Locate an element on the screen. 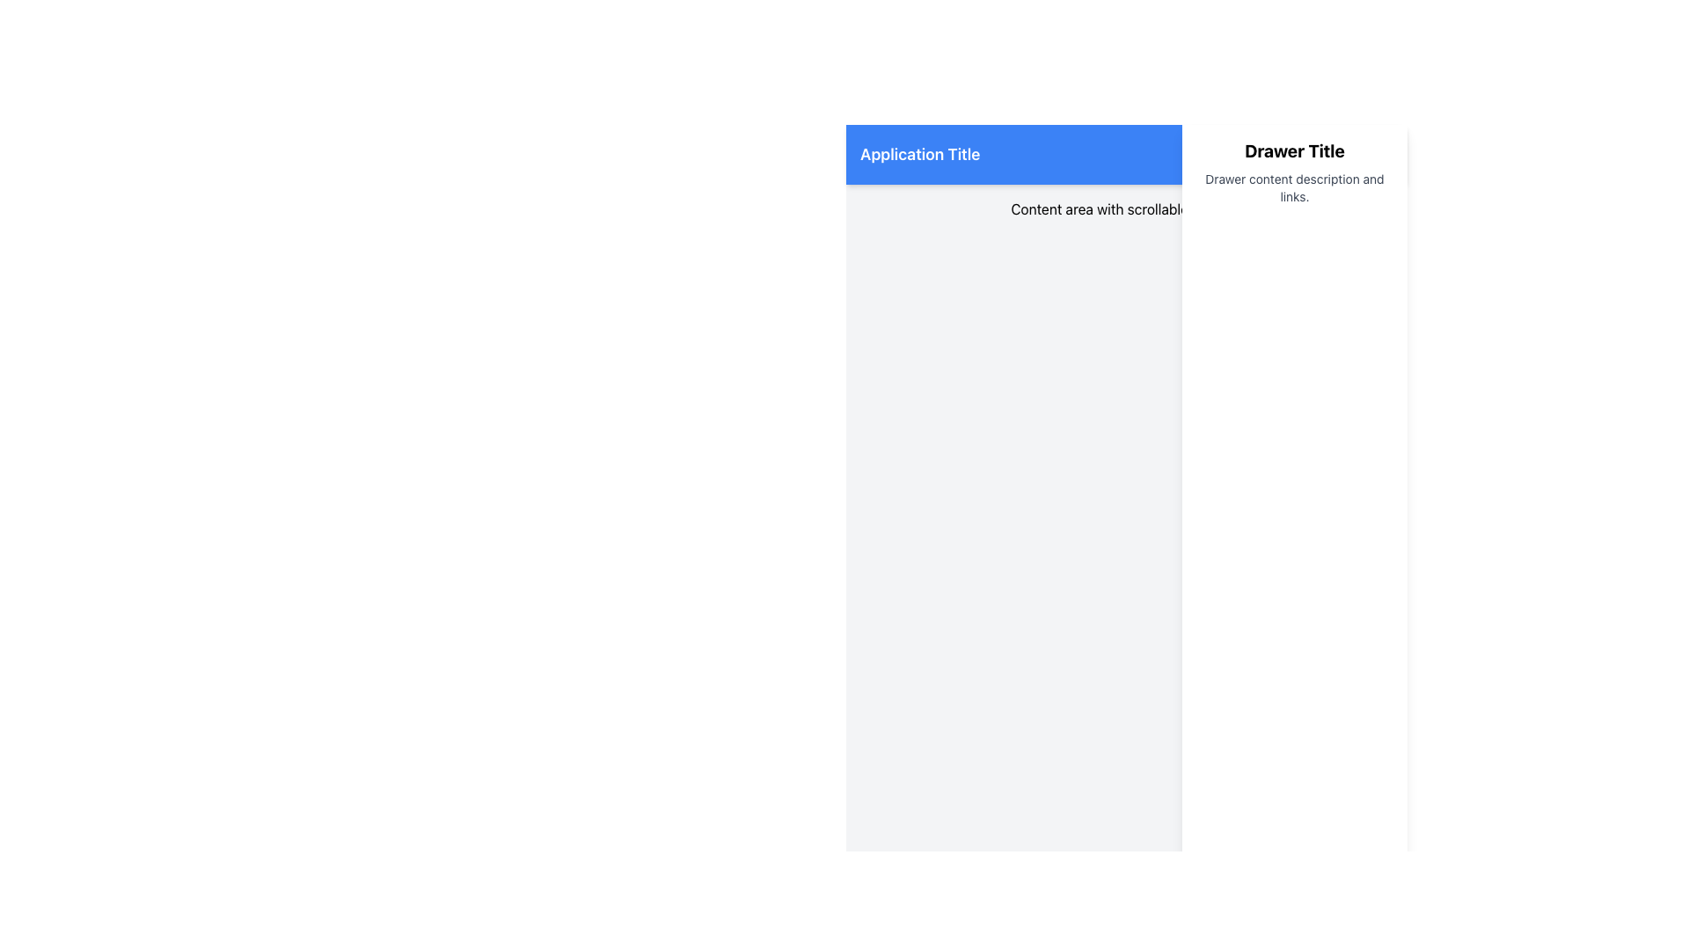 The width and height of the screenshot is (1689, 950). text from the bold-styled label 'Drawer Title' located at the top center of the sidebar on the right side of the layout is located at coordinates (1295, 150).